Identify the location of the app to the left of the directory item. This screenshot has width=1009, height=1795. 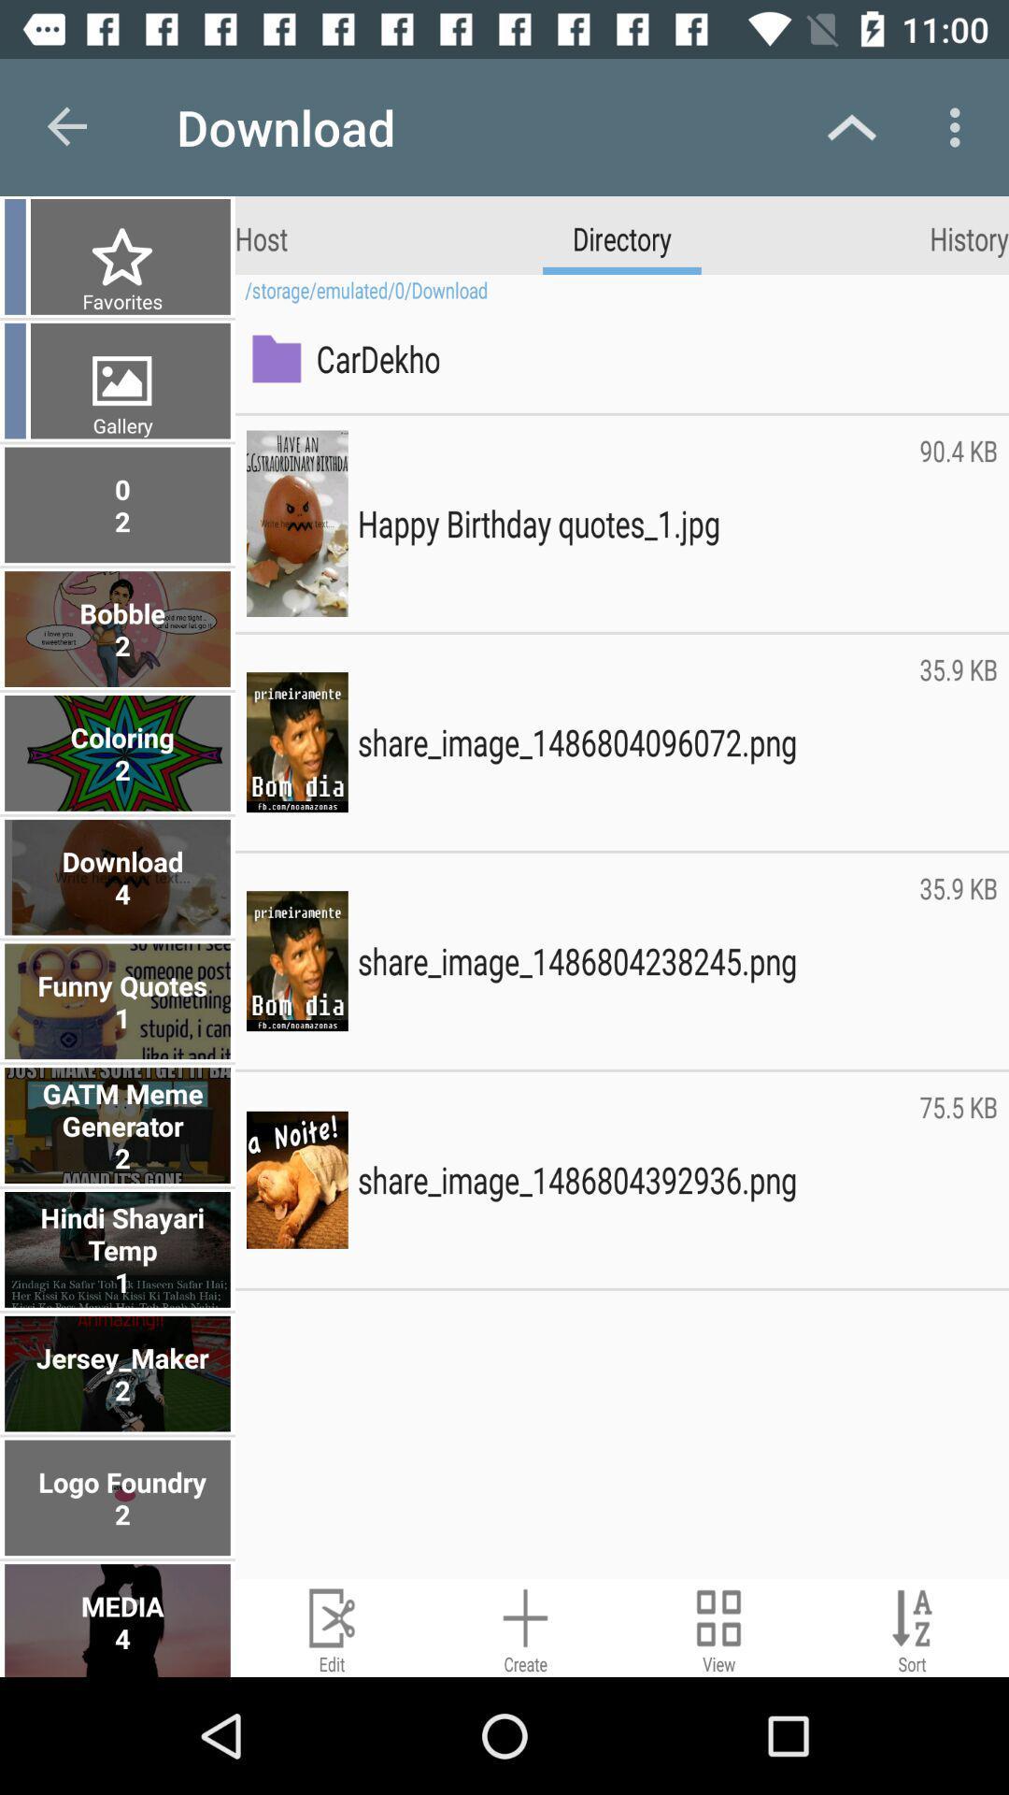
(262, 237).